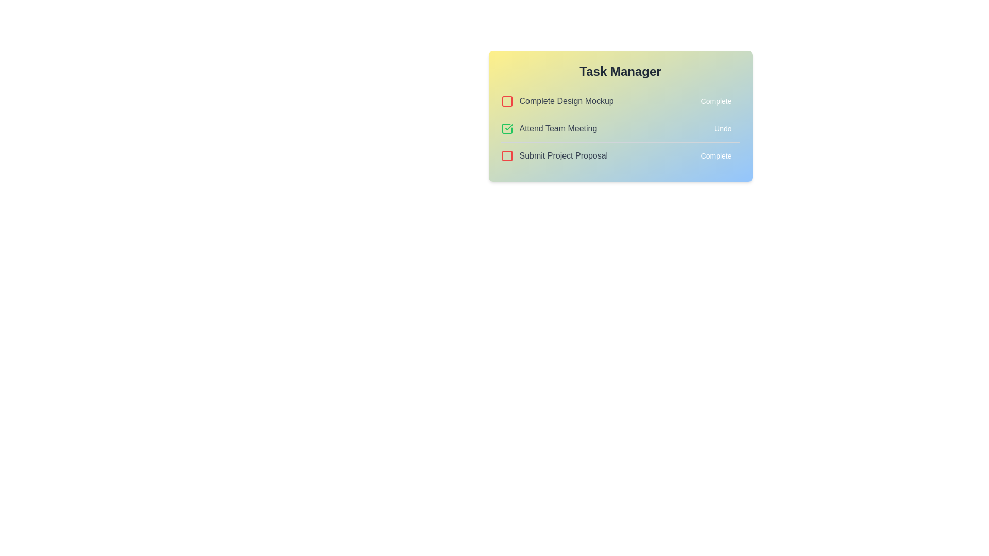 The image size is (989, 556). I want to click on the Undo button for the task Attend Team Meeting to toggle its completion status, so click(722, 128).